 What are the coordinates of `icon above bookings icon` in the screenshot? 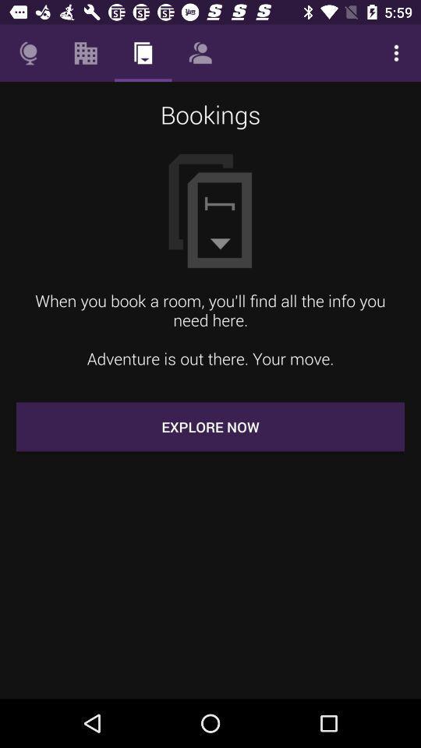 It's located at (200, 53).